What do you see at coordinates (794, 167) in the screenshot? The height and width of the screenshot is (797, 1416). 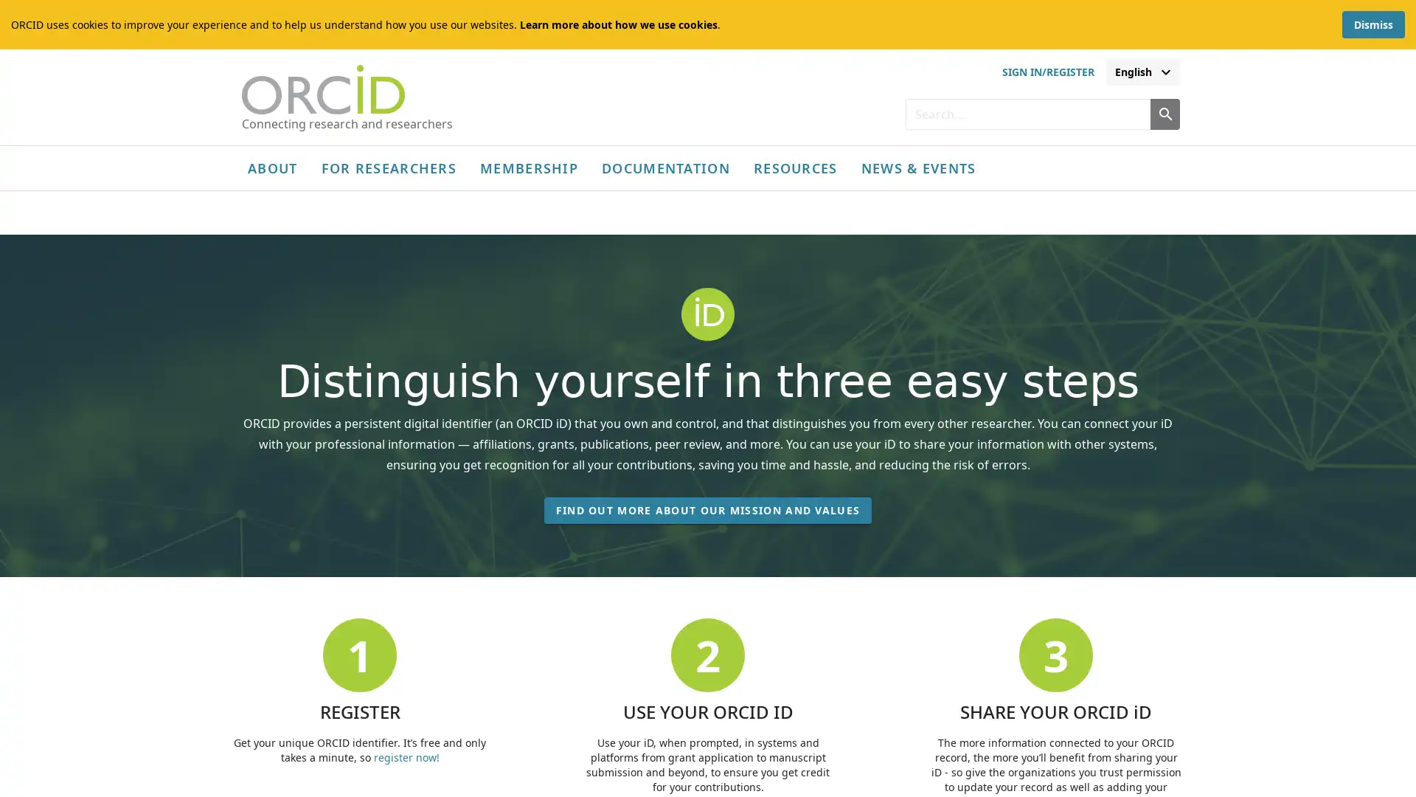 I see `RESOURCES` at bounding box center [794, 167].